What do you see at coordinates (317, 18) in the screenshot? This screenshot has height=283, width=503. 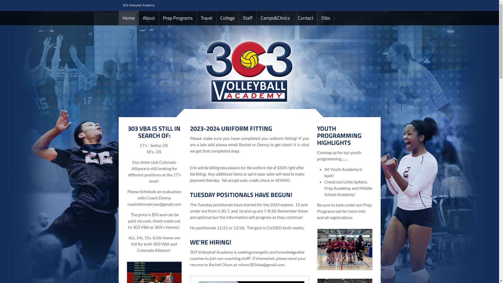 I see `'Dibs'` at bounding box center [317, 18].